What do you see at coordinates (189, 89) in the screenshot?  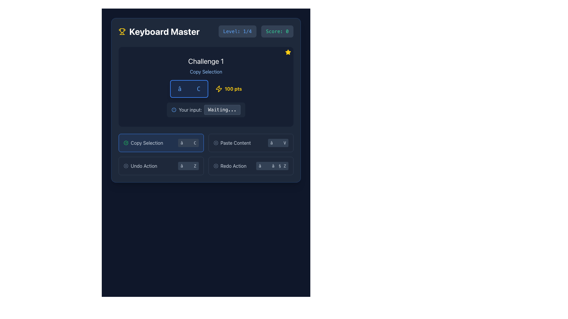 I see `the stylized text button labeled '⌘ C', which is a keyboard shortcut notation for copying, located under the 'Challenge 1' heading in the application interface` at bounding box center [189, 89].